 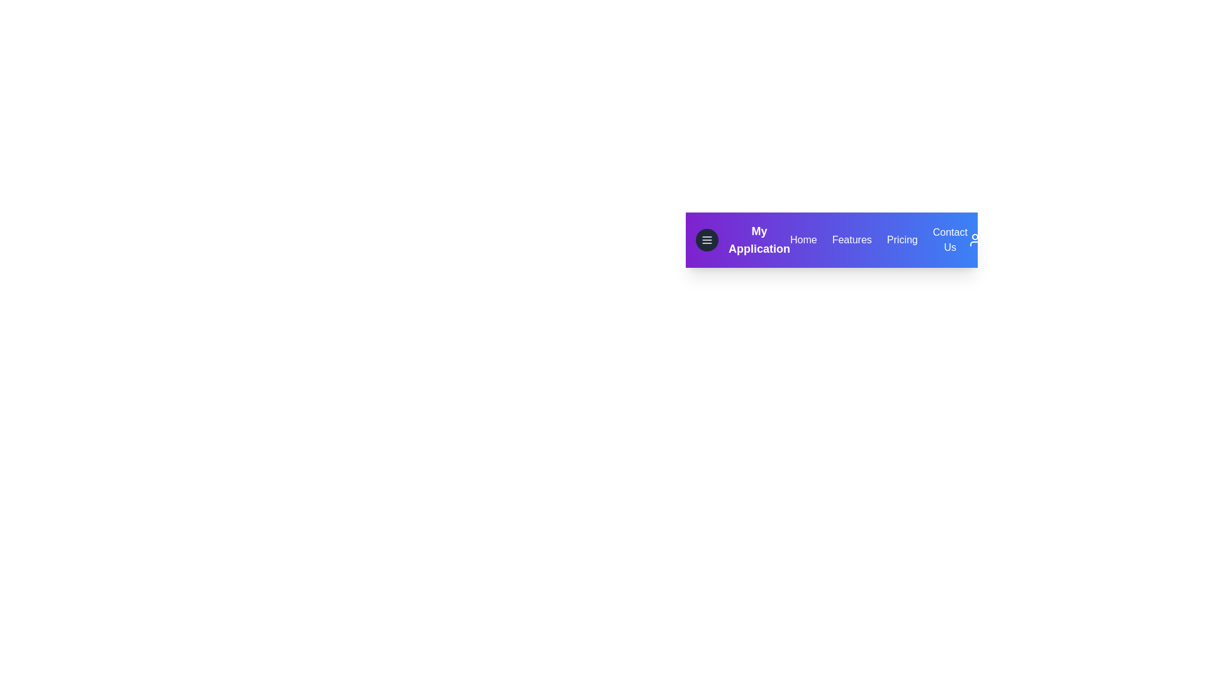 What do you see at coordinates (950, 240) in the screenshot?
I see `the Contact Us link to navigate to the corresponding section` at bounding box center [950, 240].